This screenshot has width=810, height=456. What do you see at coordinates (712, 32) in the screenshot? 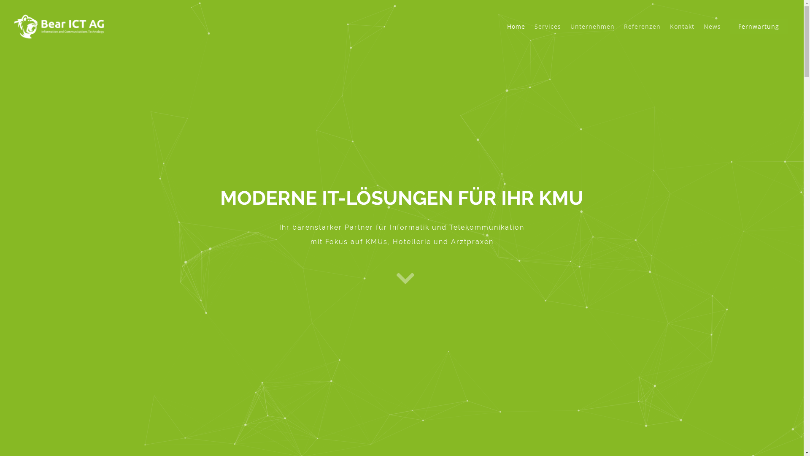
I see `'News'` at bounding box center [712, 32].